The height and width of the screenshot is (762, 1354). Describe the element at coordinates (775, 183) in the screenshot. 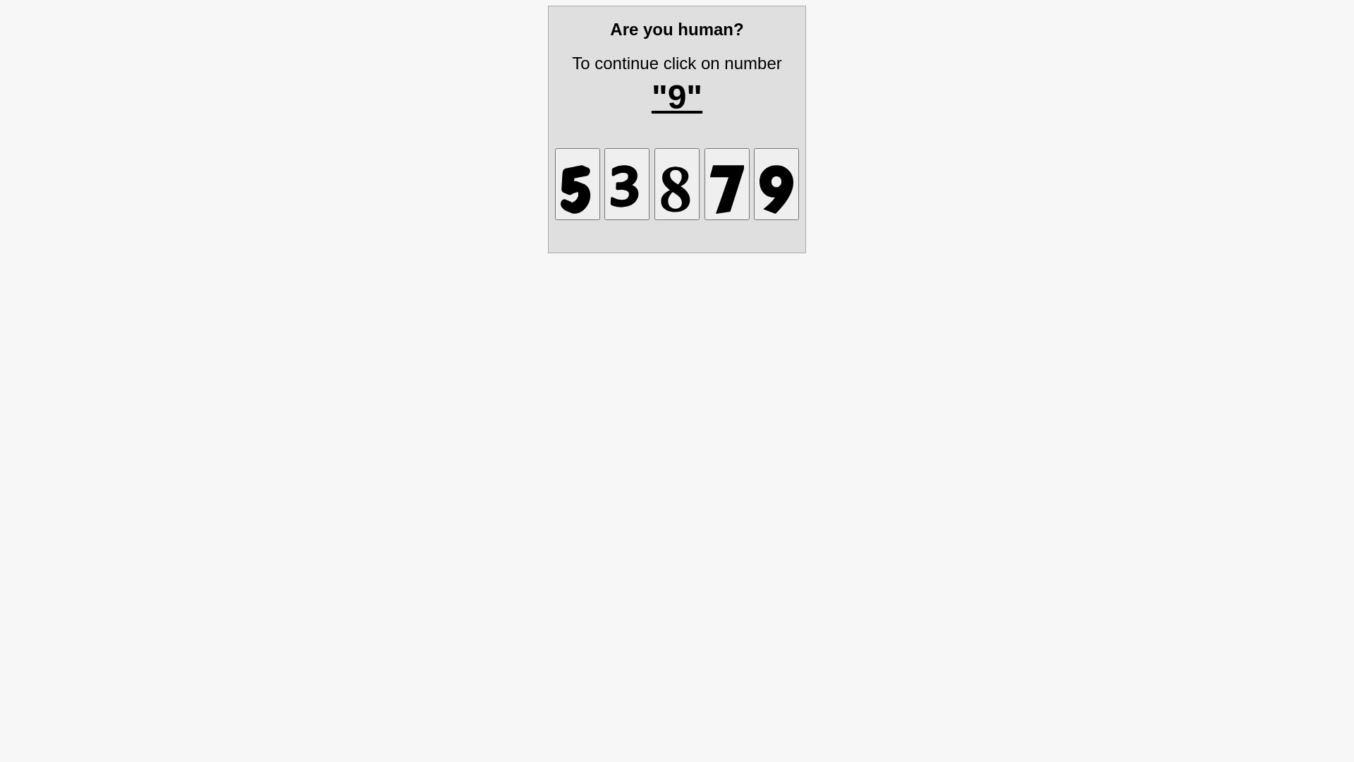

I see `'1732439013527091'` at that location.